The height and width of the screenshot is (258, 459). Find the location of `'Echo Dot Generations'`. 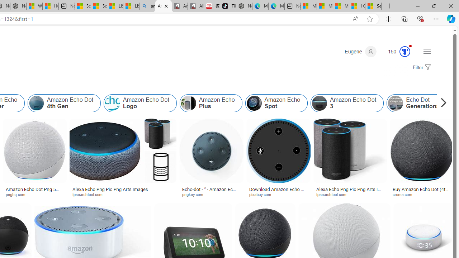

'Echo Dot Generations' is located at coordinates (417, 103).